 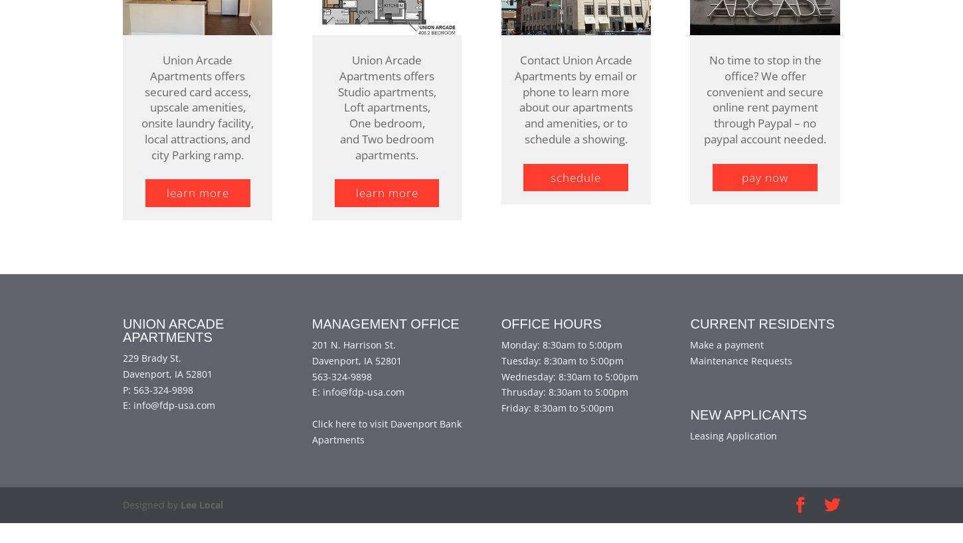 What do you see at coordinates (726, 364) in the screenshot?
I see `'Make a payment'` at bounding box center [726, 364].